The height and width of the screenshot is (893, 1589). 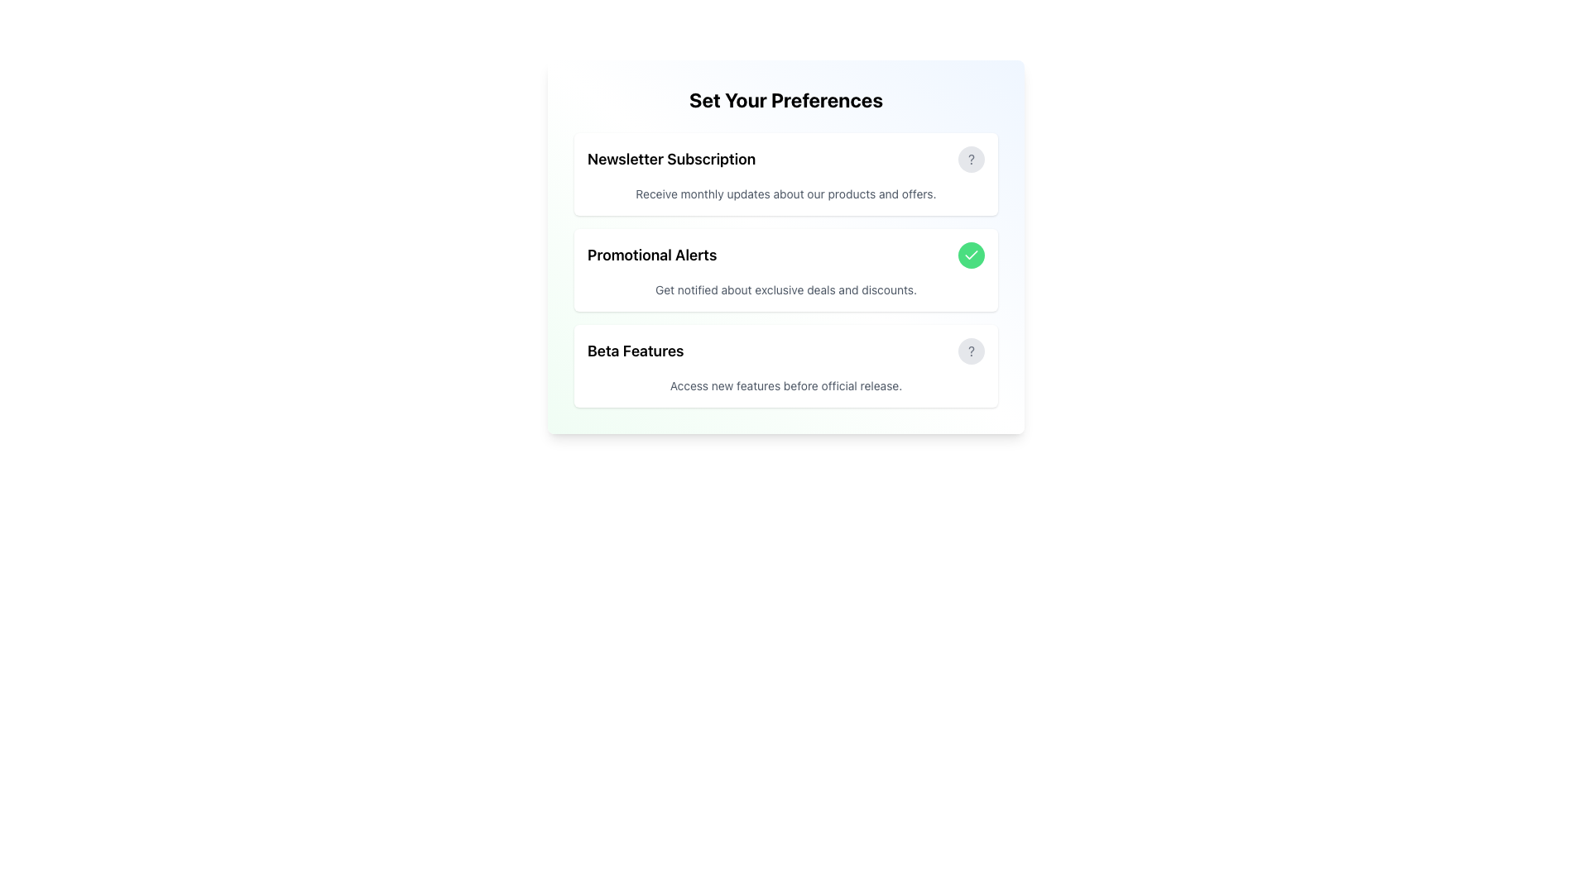 What do you see at coordinates (972, 255) in the screenshot?
I see `the completed state indication by focusing on the checkmark icon within the green circular button to the right of the 'Promotional Alerts' option` at bounding box center [972, 255].